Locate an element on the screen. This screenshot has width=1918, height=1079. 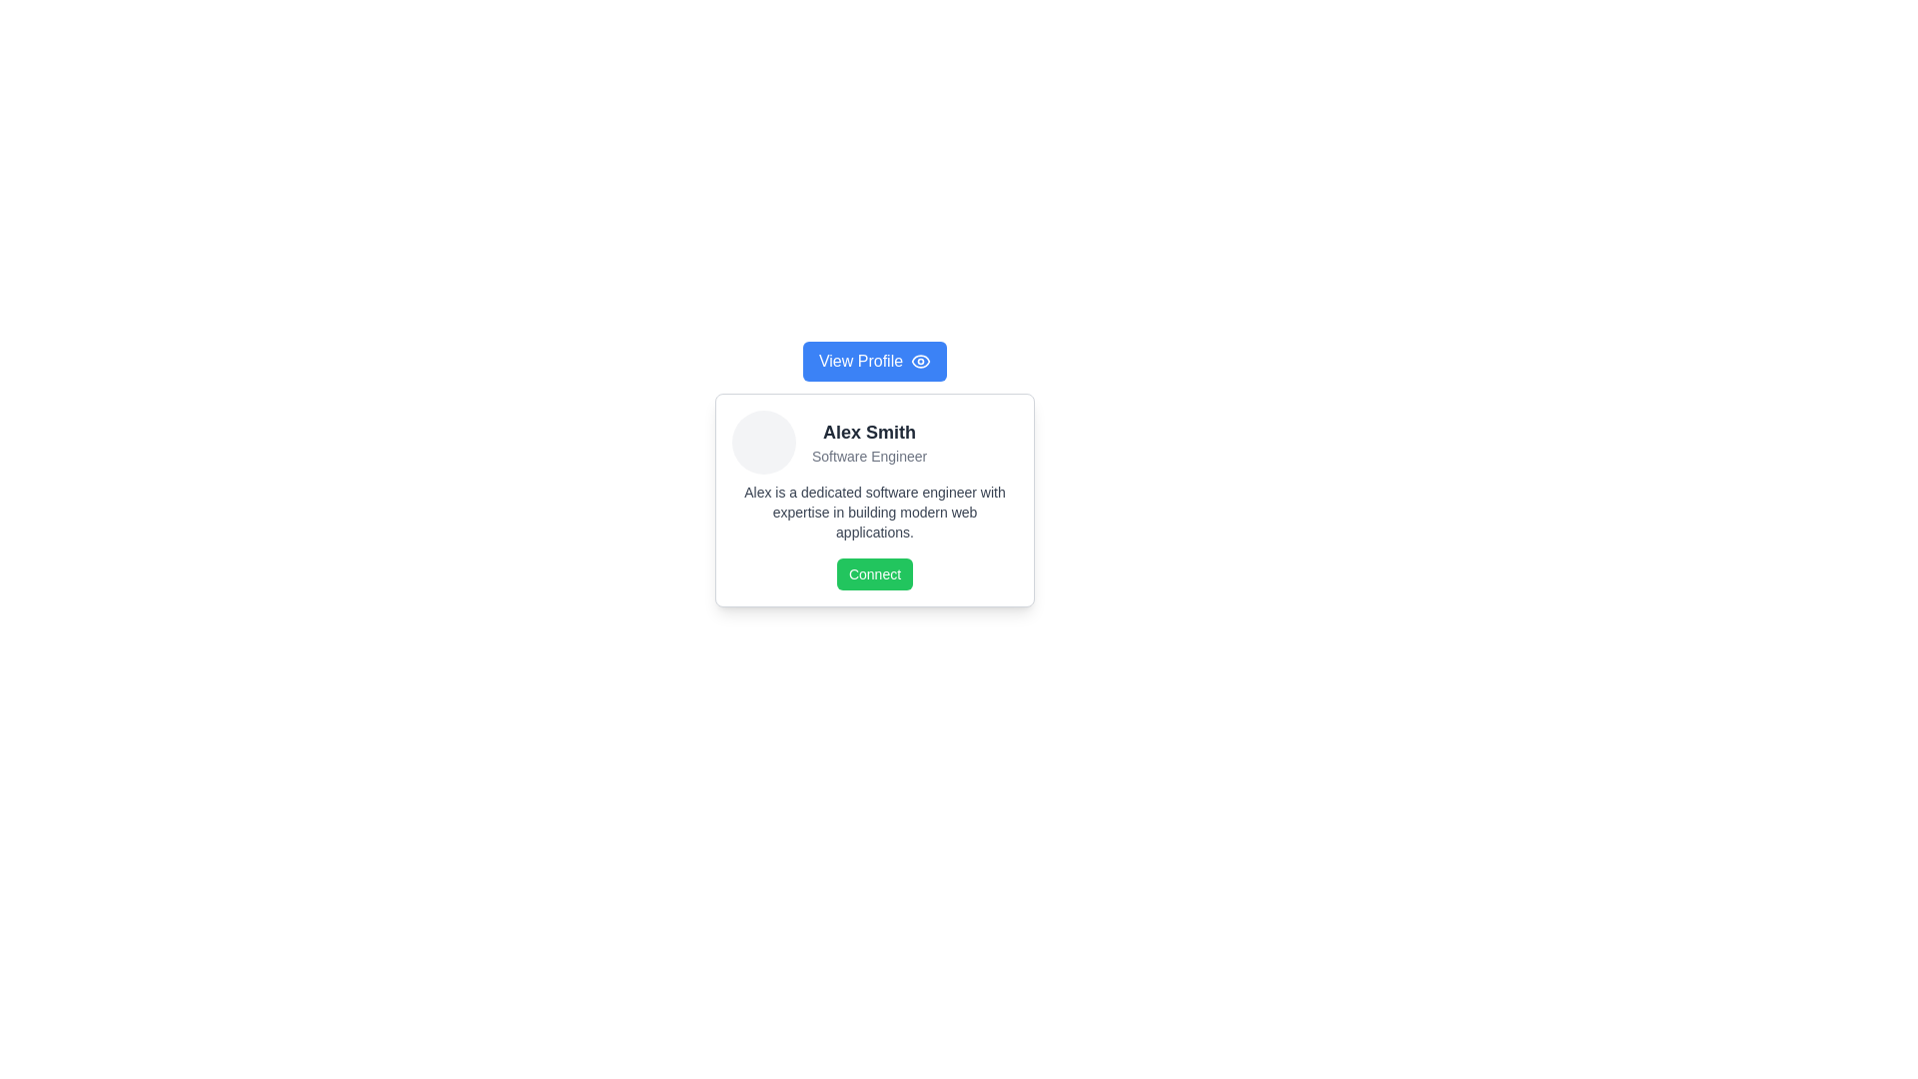
the text label representing the individual's name in the profile card, located beneath the avatar and above the job title 'Software Engineer' is located at coordinates (869, 431).